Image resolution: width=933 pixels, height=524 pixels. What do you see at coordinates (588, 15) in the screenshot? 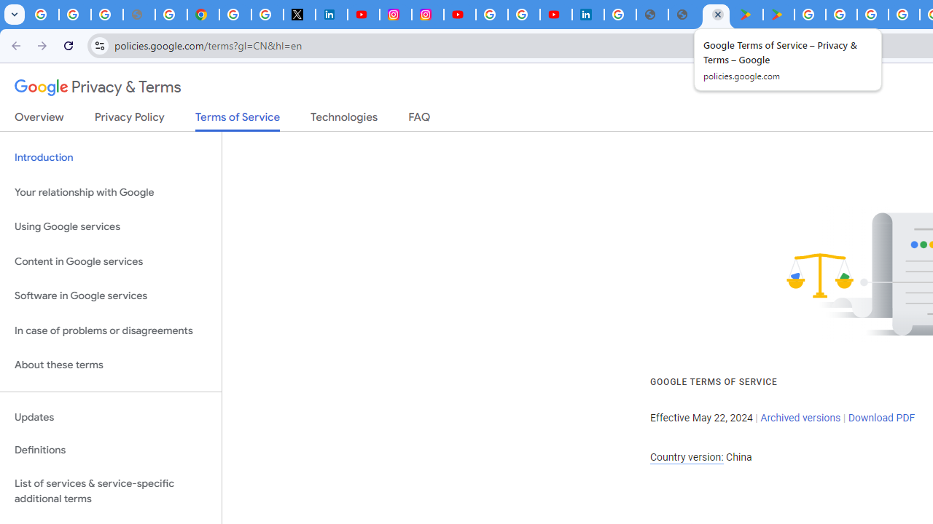
I see `'Identity verification via Persona | LinkedIn Help'` at bounding box center [588, 15].